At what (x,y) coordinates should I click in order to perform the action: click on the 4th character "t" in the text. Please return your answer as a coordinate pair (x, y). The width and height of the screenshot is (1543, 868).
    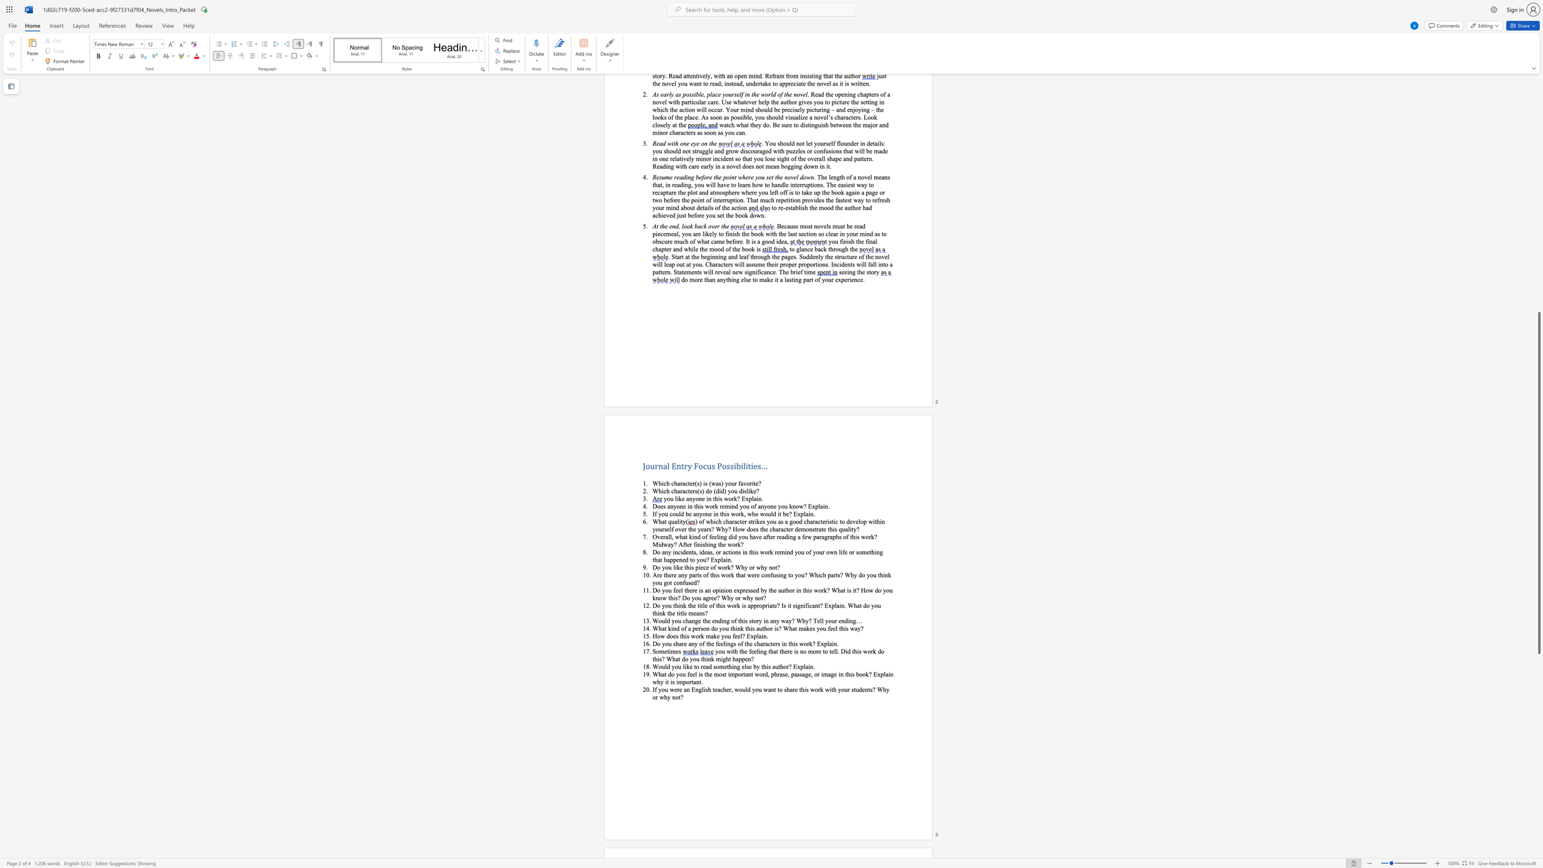
    Looking at the image, I should click on (779, 666).